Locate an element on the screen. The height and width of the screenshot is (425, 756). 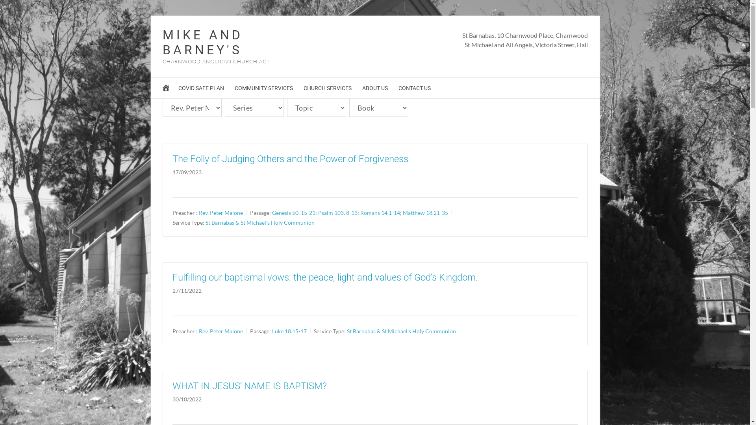
'ABOUT US' is located at coordinates (374, 88).